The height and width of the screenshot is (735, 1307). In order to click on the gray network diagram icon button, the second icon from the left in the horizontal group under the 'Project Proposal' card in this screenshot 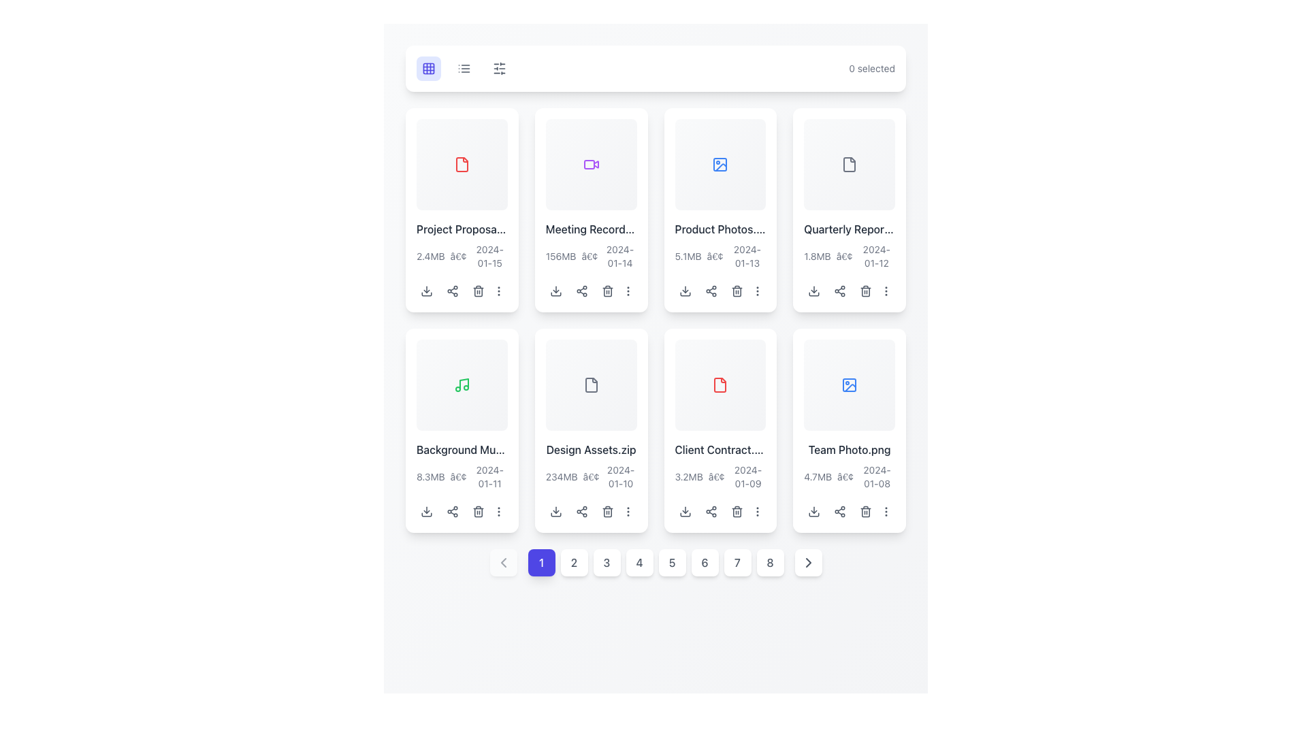, I will do `click(453, 290)`.